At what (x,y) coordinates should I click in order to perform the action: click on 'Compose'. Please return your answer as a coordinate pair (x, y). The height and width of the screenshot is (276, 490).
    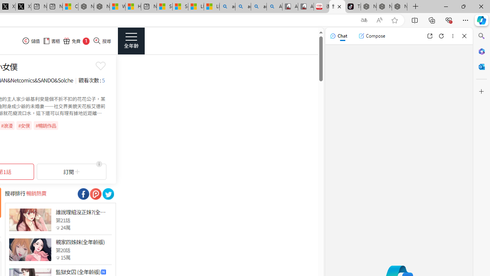
    Looking at the image, I should click on (372, 36).